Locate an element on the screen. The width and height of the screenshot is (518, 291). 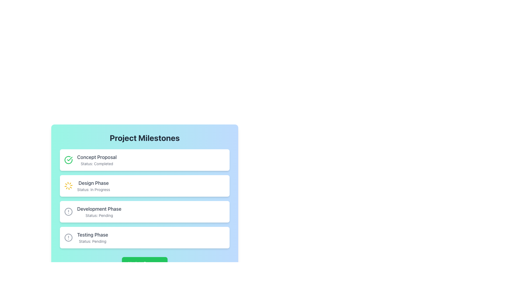
the 'Design Phase' informational card, which includes the subtitle 'Status: In Progress' is located at coordinates (93, 186).